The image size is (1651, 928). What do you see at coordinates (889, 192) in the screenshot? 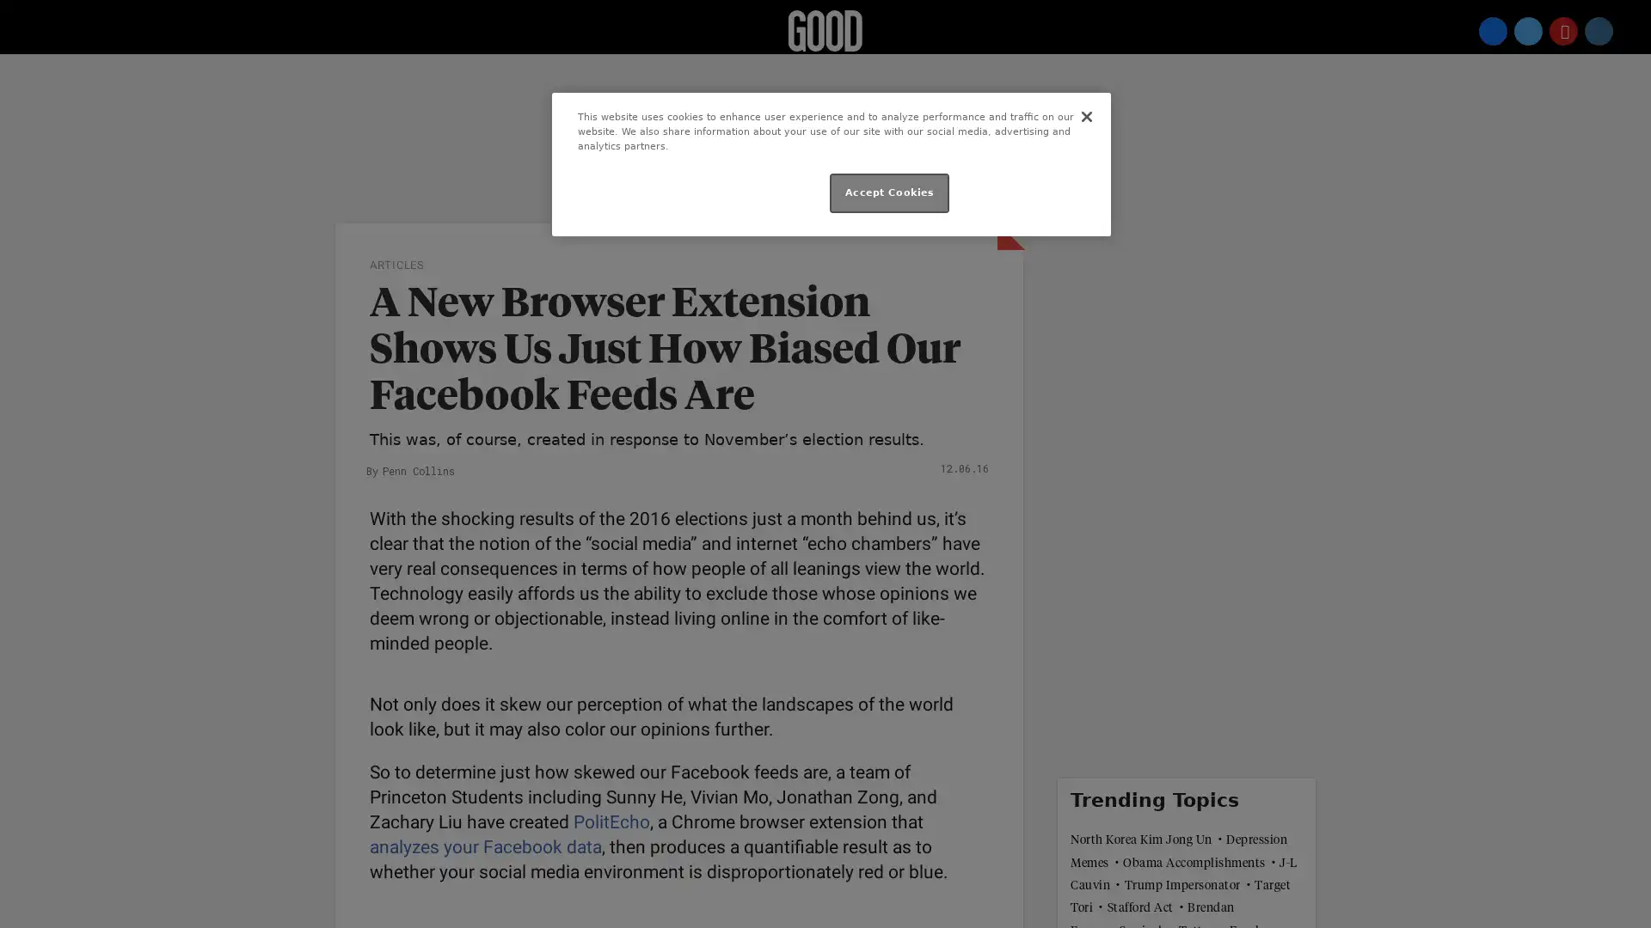
I see `Accept Cookies` at bounding box center [889, 192].